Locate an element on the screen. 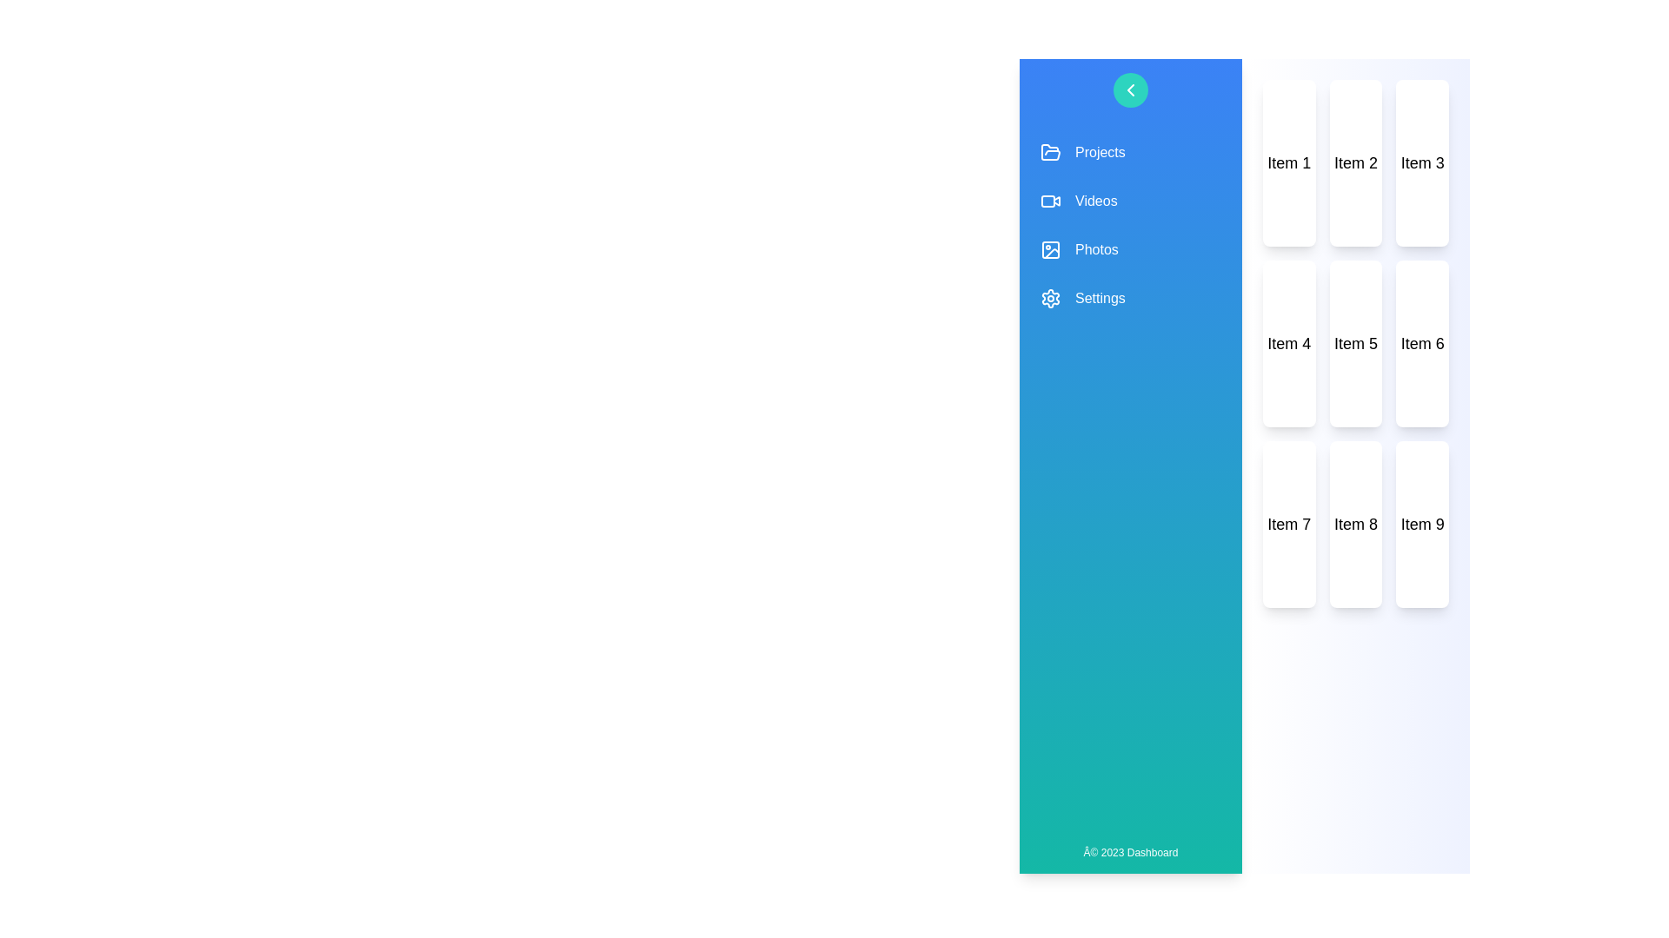 The width and height of the screenshot is (1669, 938). the sidebar menu item labeled Photos is located at coordinates (1130, 250).